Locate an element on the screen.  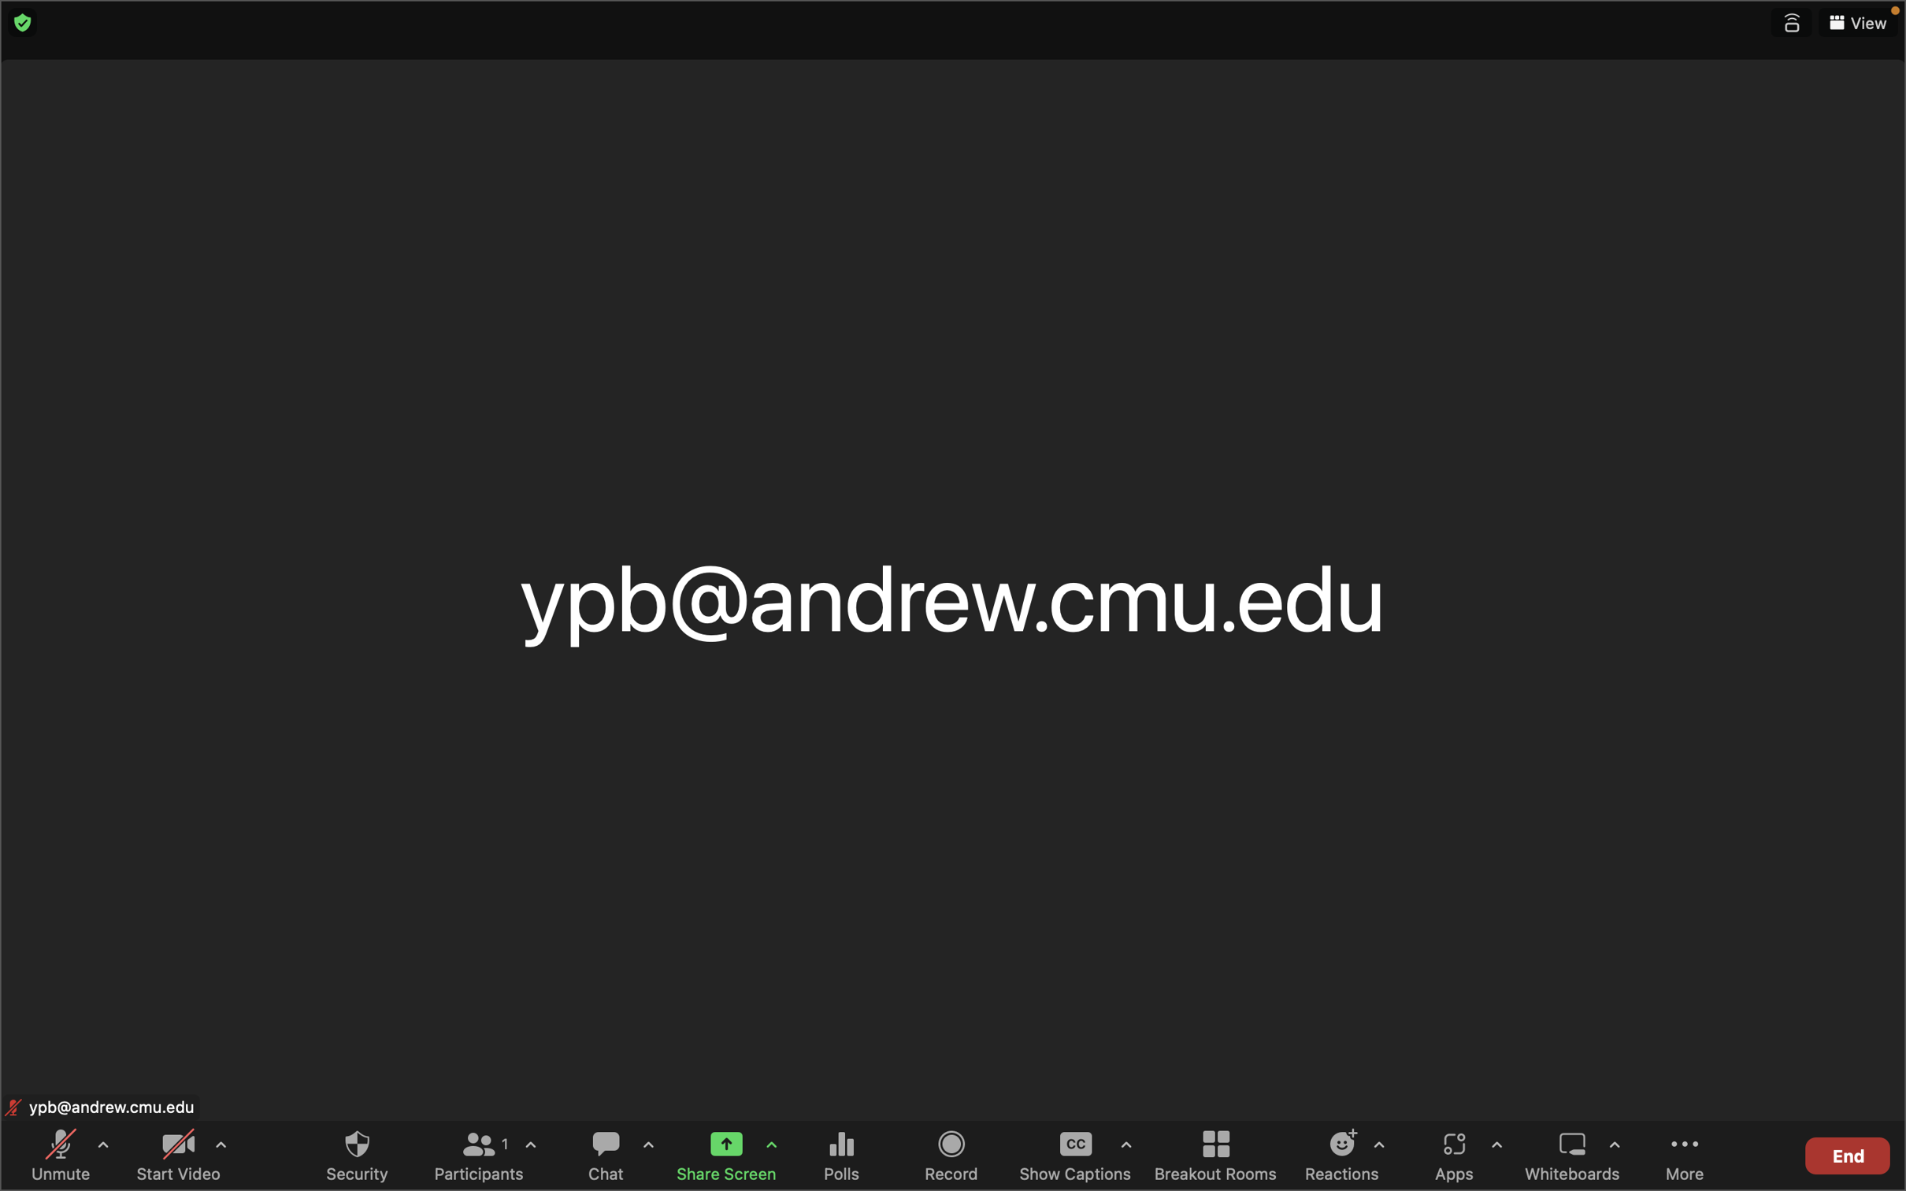
Begin recording the meeting proceedings is located at coordinates (953, 1154).